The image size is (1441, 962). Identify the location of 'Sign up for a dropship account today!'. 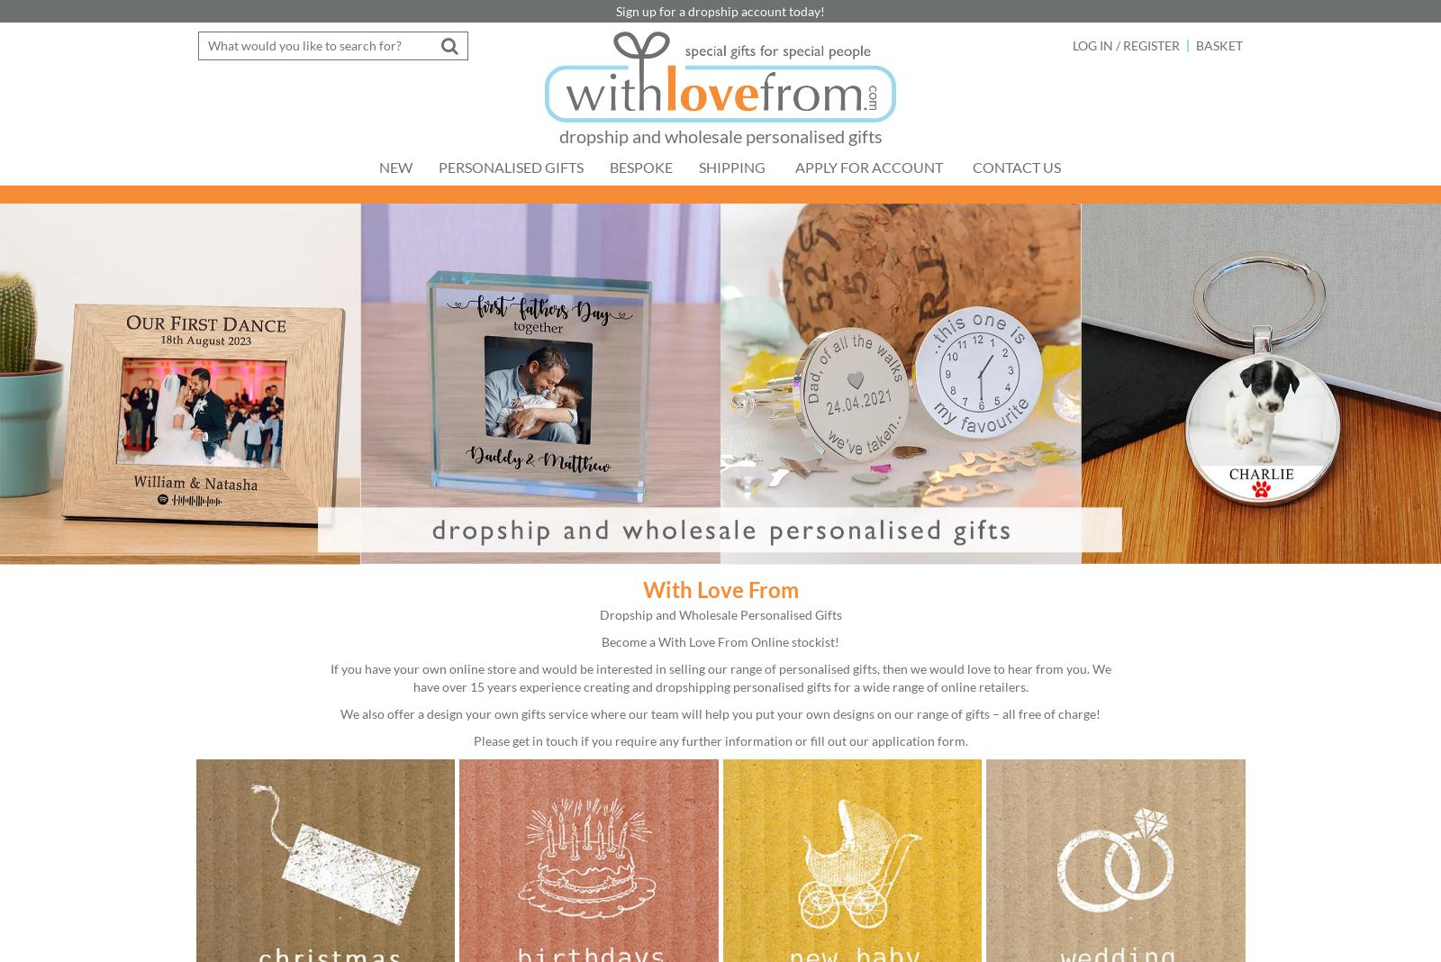
(720, 9).